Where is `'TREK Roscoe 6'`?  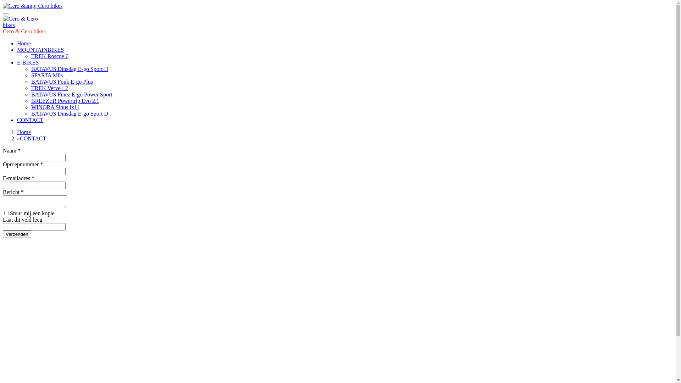 'TREK Roscoe 6' is located at coordinates (49, 56).